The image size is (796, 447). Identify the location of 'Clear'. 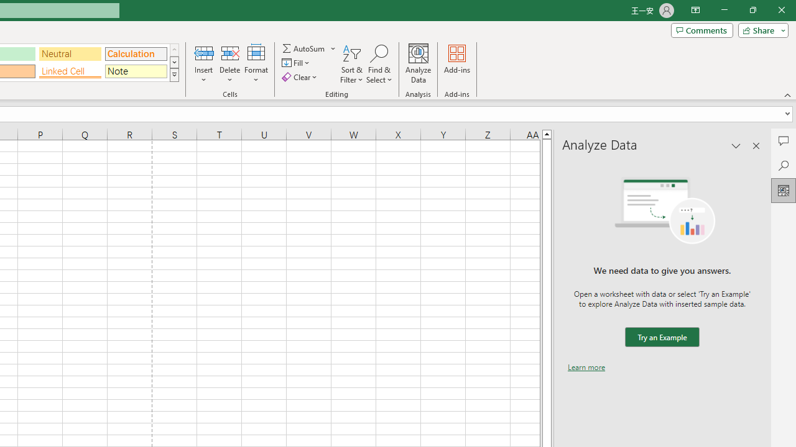
(300, 77).